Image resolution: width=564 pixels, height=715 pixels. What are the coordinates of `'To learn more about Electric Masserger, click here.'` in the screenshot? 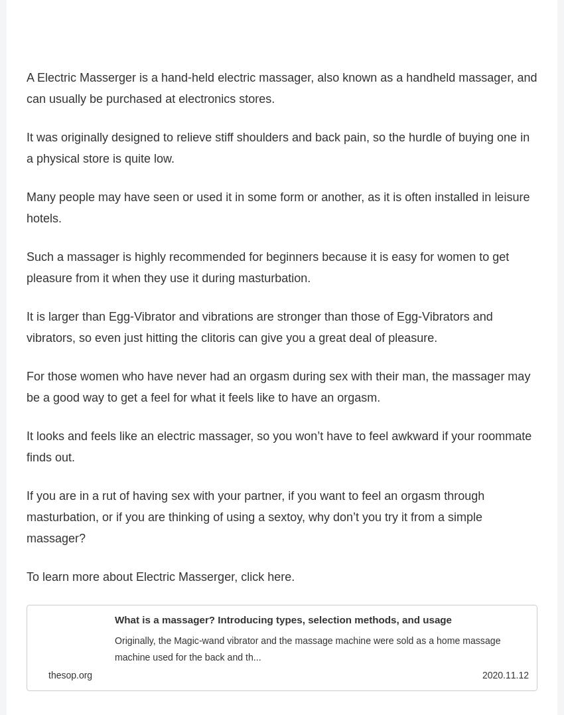 It's located at (26, 582).